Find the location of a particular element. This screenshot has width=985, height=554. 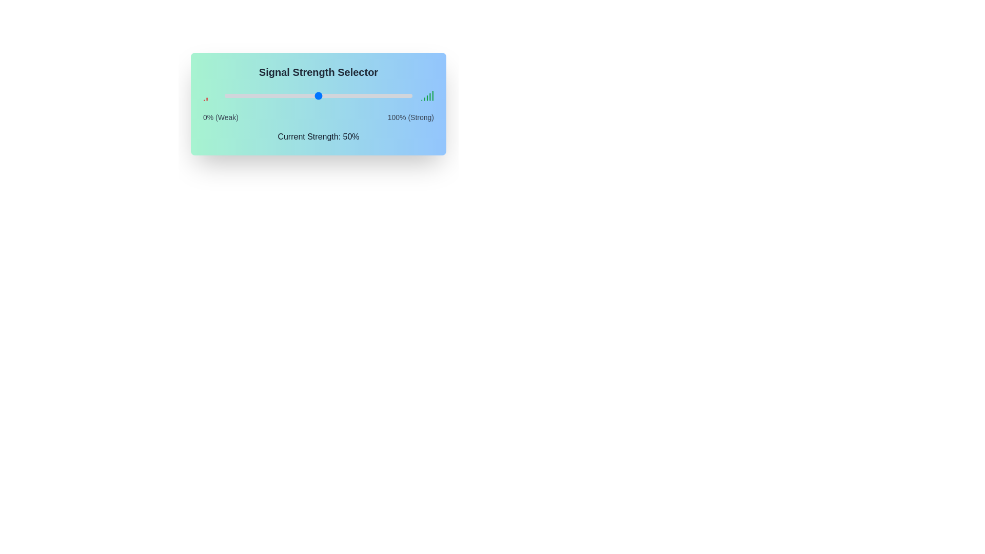

the signal strength slider to 10% is located at coordinates (243, 95).